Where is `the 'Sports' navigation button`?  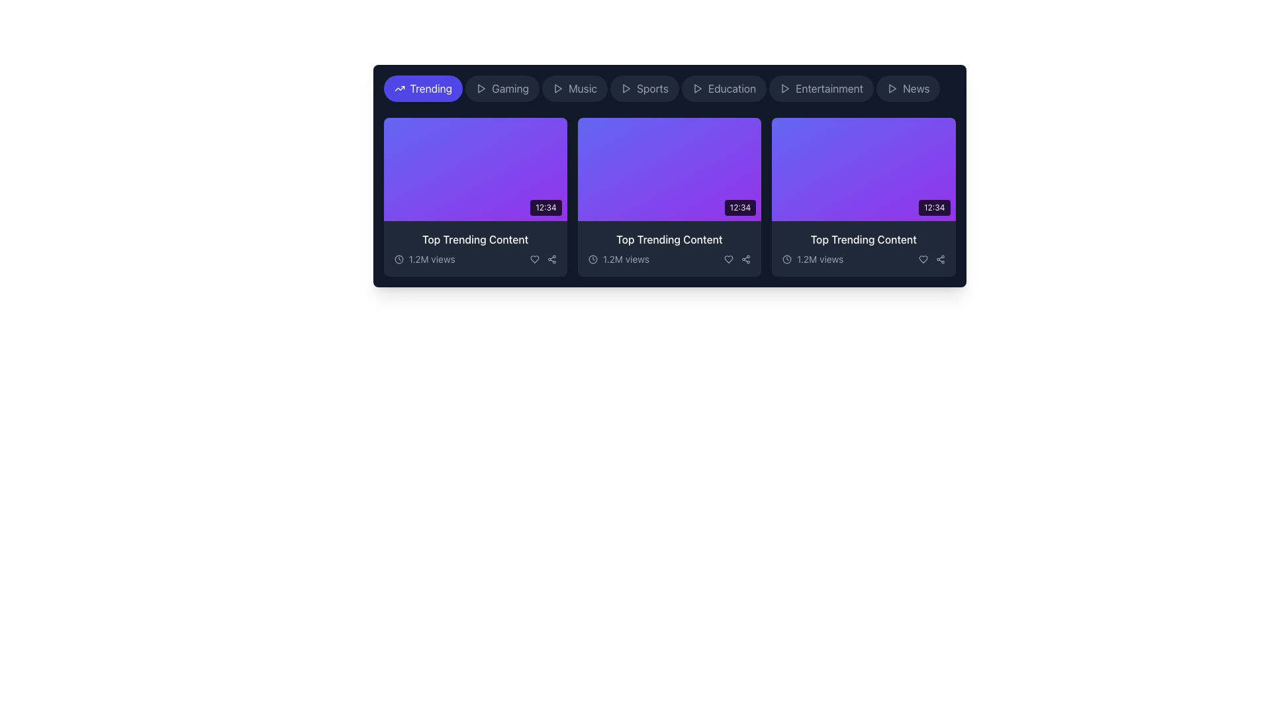
the 'Sports' navigation button is located at coordinates (669, 89).